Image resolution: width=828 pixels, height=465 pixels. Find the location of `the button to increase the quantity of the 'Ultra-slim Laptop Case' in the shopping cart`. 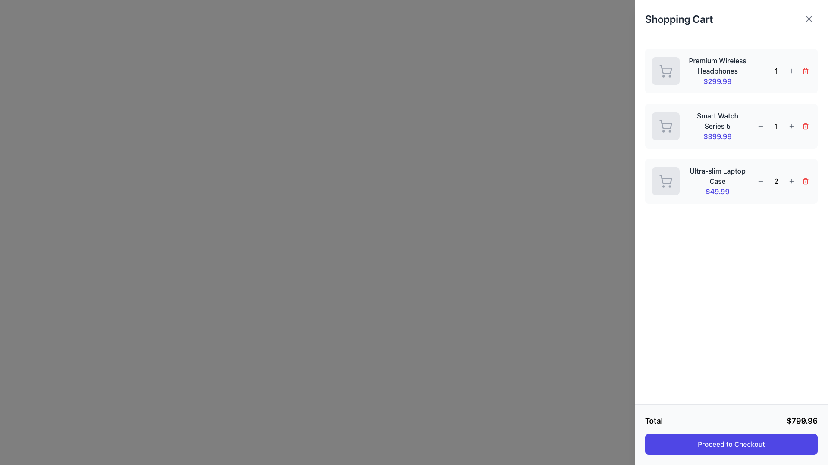

the button to increase the quantity of the 'Ultra-slim Laptop Case' in the shopping cart is located at coordinates (792, 180).